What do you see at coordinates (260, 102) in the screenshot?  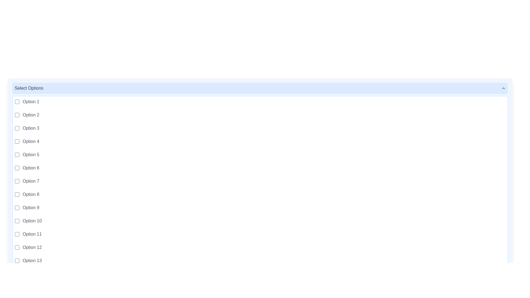 I see `the first list item containing a checkbox labeled 'Option 1'` at bounding box center [260, 102].